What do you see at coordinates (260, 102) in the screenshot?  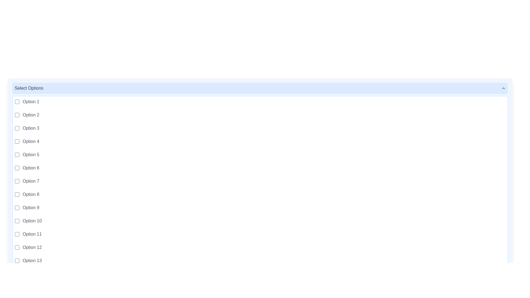 I see `the first list item containing a checkbox labeled 'Option 1'` at bounding box center [260, 102].